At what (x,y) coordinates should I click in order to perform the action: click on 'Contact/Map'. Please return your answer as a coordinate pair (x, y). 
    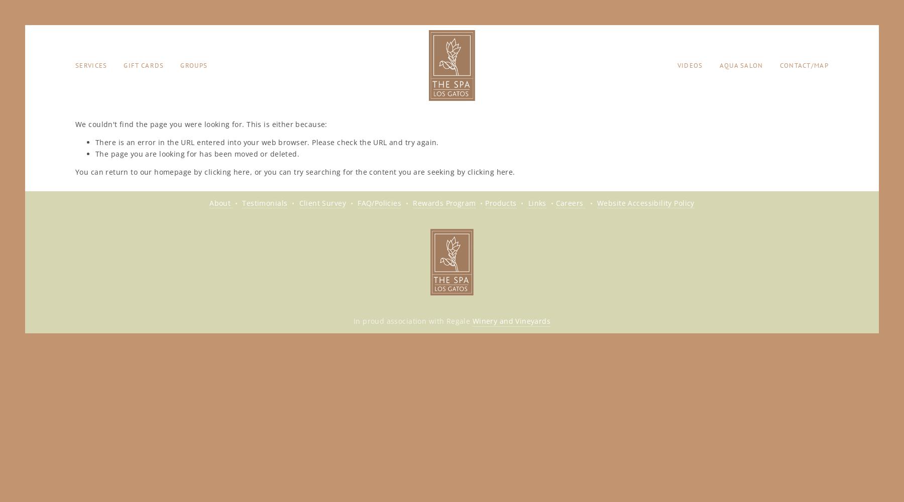
    Looking at the image, I should click on (803, 65).